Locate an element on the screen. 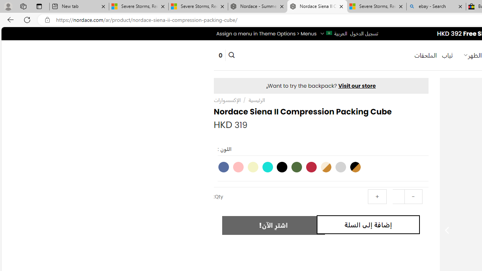 The height and width of the screenshot is (271, 482). 'Tab actions menu' is located at coordinates (39, 6).